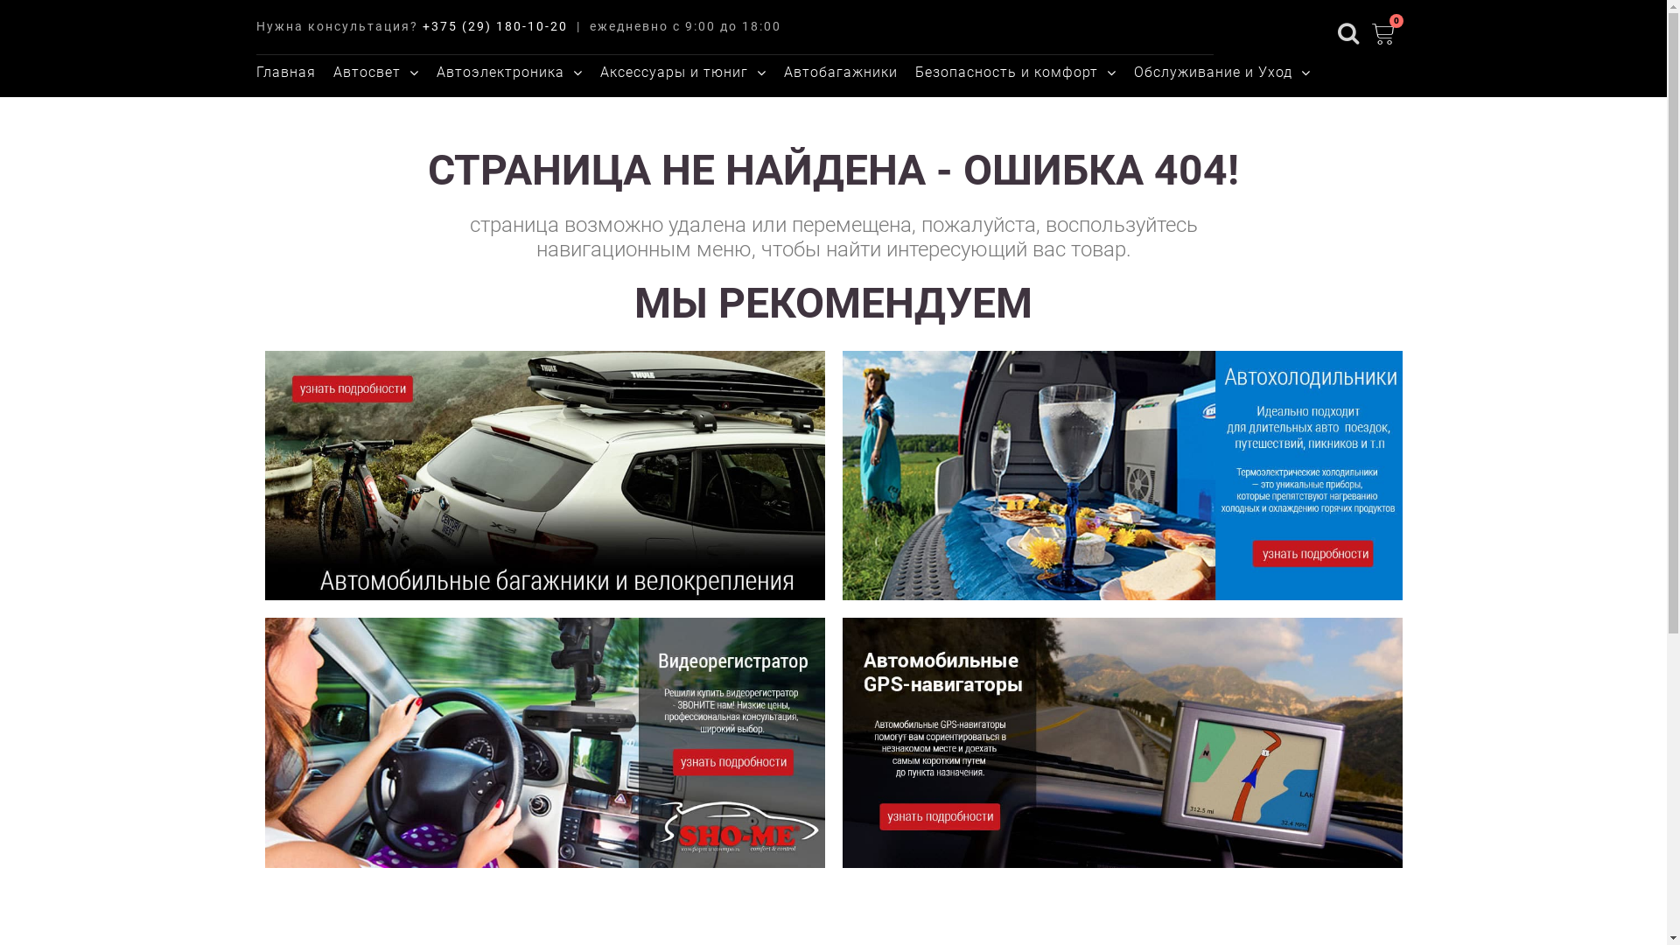 Image resolution: width=1680 pixels, height=945 pixels. What do you see at coordinates (493, 26) in the screenshot?
I see `'+375 (29) 180-10-20'` at bounding box center [493, 26].